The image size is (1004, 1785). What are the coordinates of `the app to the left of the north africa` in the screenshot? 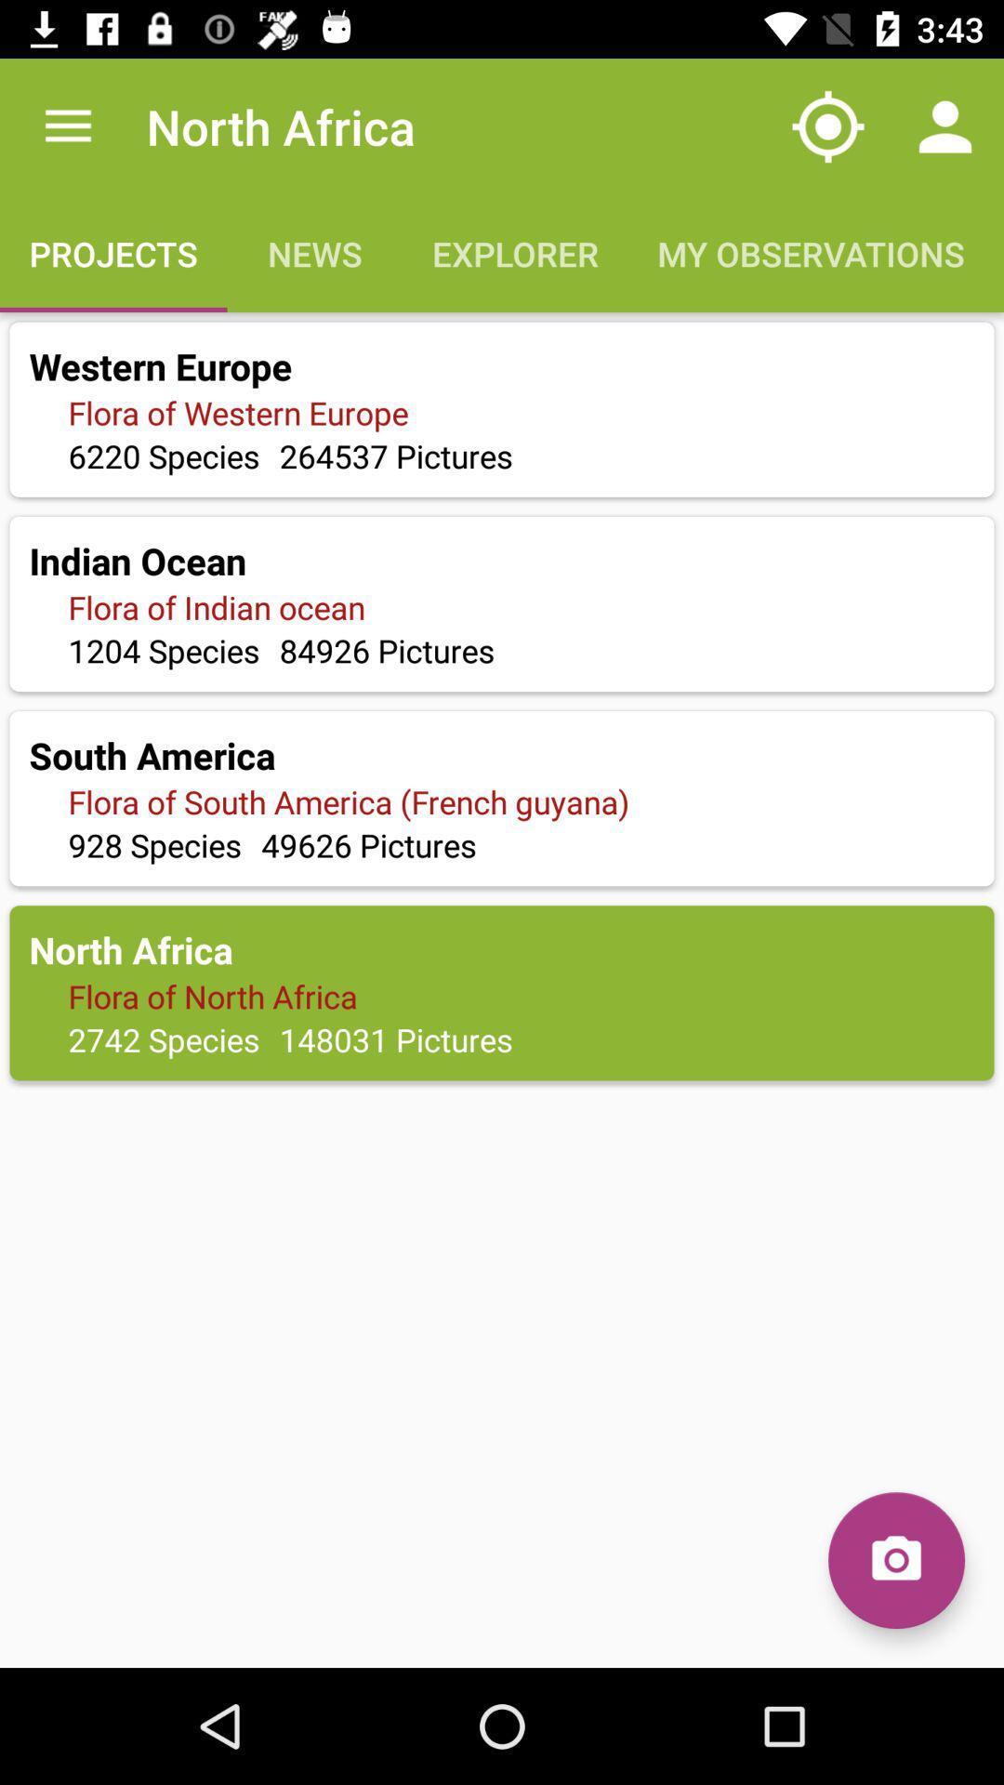 It's located at (67, 126).